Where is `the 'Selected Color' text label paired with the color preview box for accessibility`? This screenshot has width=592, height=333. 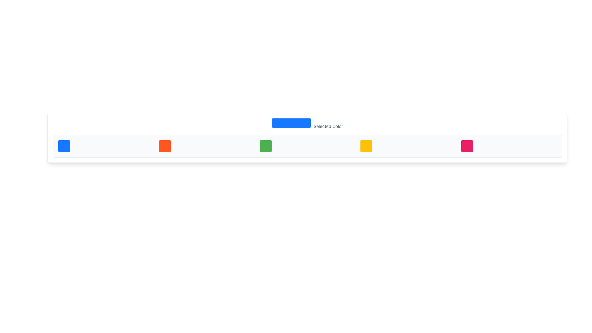 the 'Selected Color' text label paired with the color preview box for accessibility is located at coordinates (307, 124).